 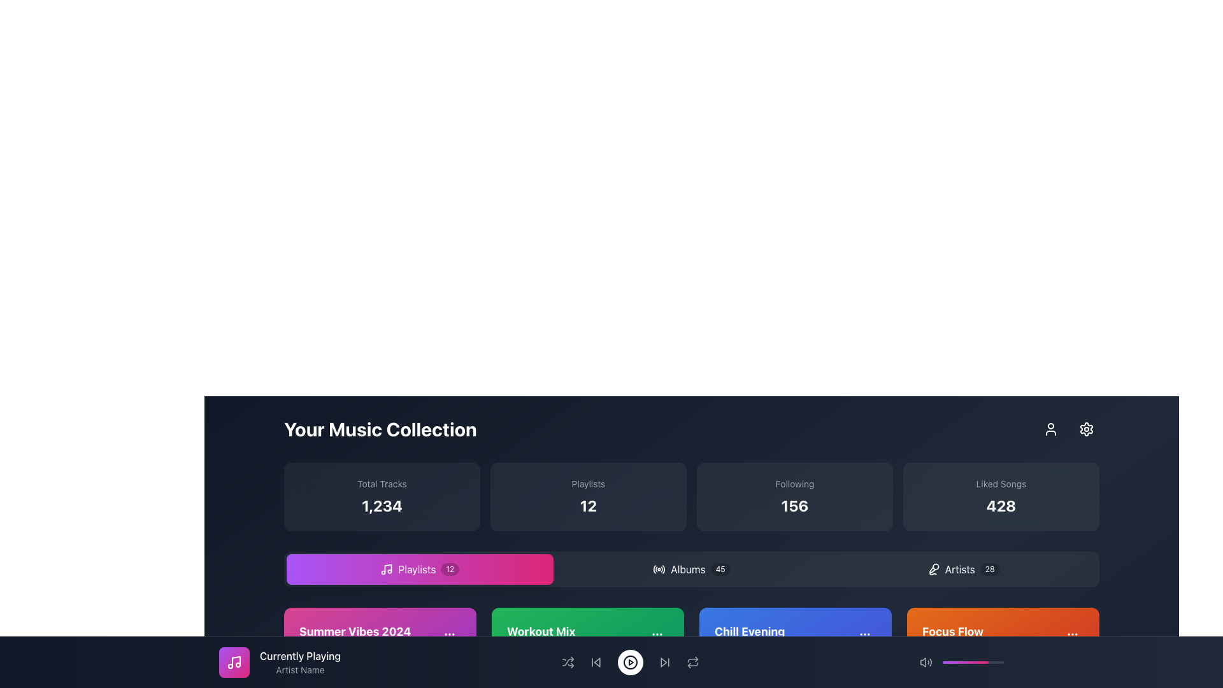 What do you see at coordinates (1085, 429) in the screenshot?
I see `the settings icon located at the top-right corner of the interface` at bounding box center [1085, 429].